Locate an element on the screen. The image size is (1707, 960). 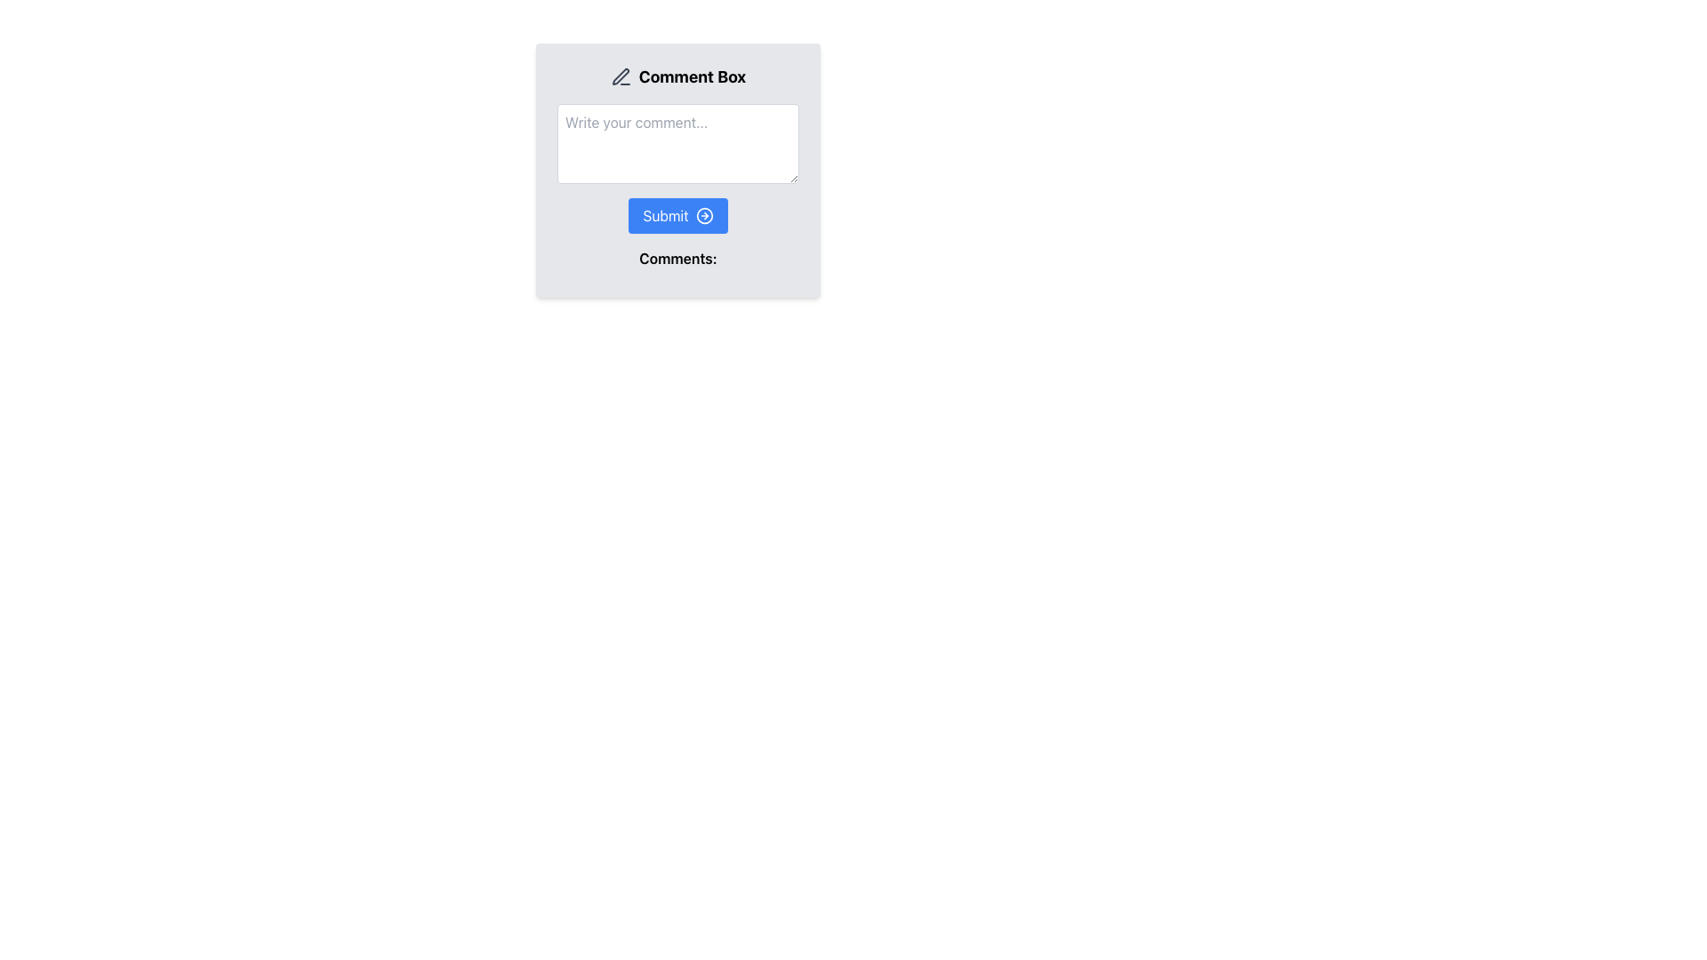
the small, stylized pen icon located near the top left of the interface, adjacent to the 'Comment Box' label is located at coordinates (620, 75).